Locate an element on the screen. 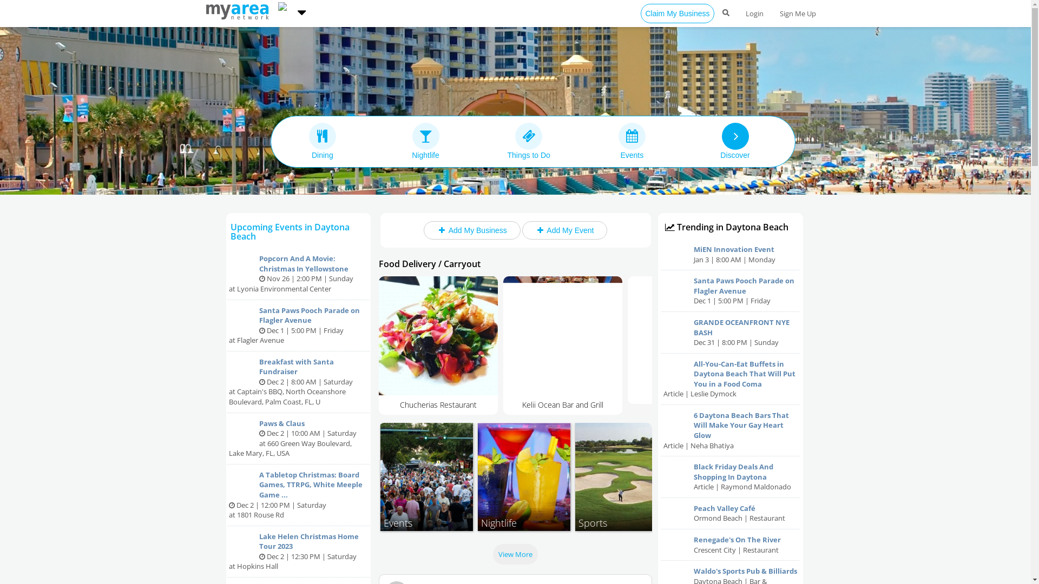 This screenshot has height=584, width=1039. 'Renegade's On The River is located at coordinates (730, 545).